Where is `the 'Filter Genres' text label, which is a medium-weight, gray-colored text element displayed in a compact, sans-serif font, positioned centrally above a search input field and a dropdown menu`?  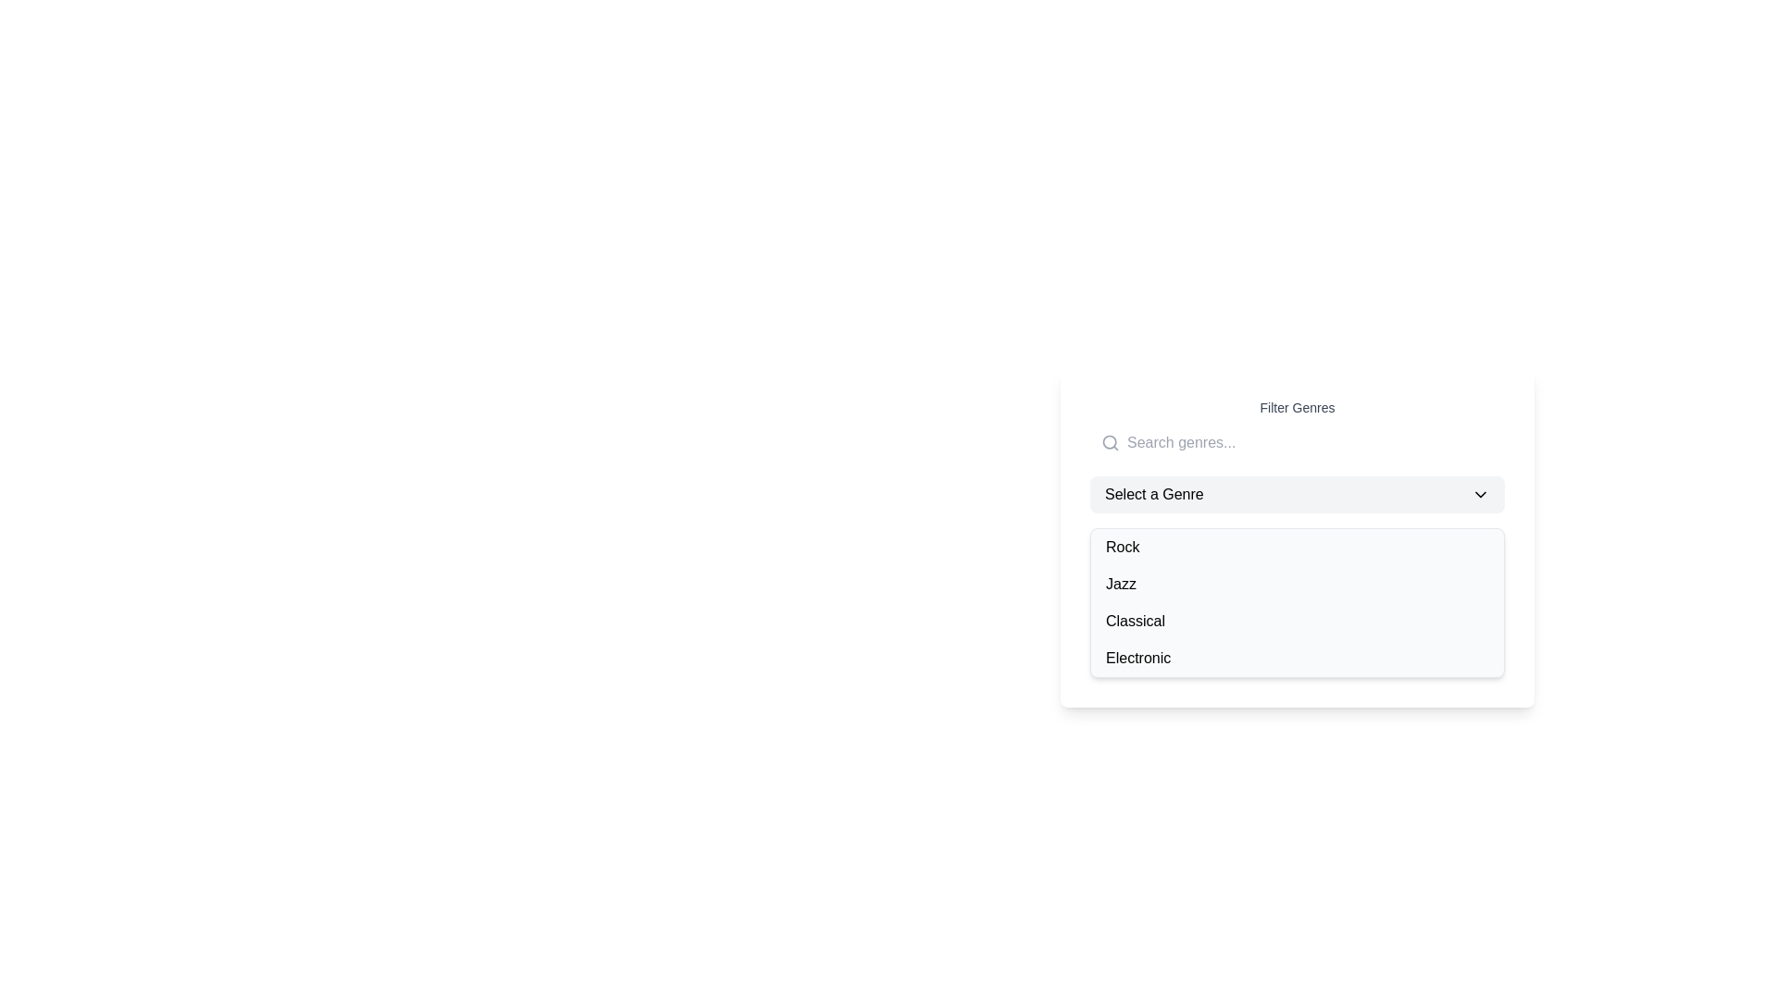 the 'Filter Genres' text label, which is a medium-weight, gray-colored text element displayed in a compact, sans-serif font, positioned centrally above a search input field and a dropdown menu is located at coordinates (1296, 406).